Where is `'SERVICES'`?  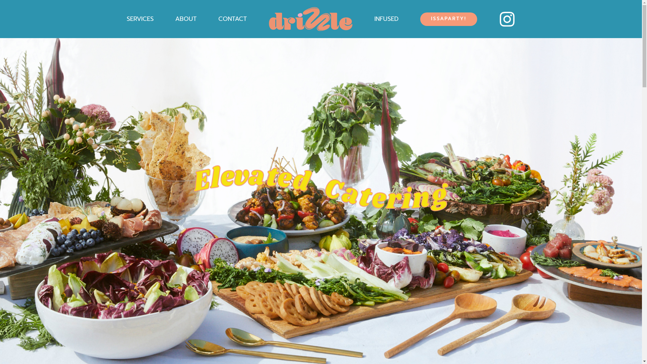
'SERVICES' is located at coordinates (140, 19).